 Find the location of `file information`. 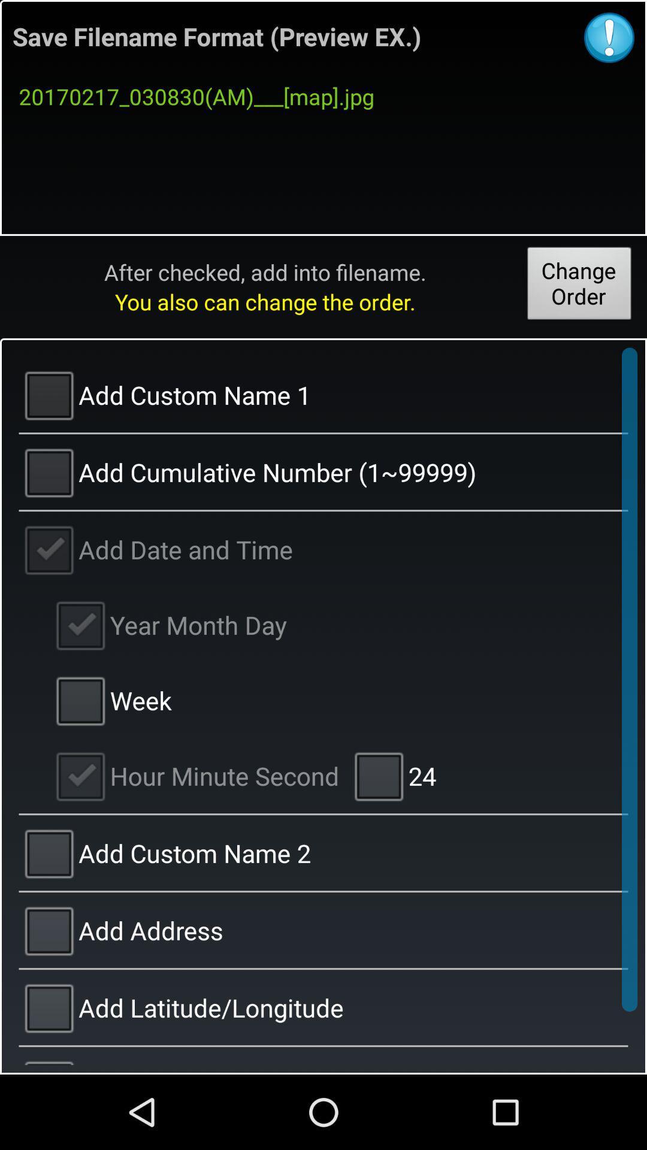

file information is located at coordinates (609, 37).